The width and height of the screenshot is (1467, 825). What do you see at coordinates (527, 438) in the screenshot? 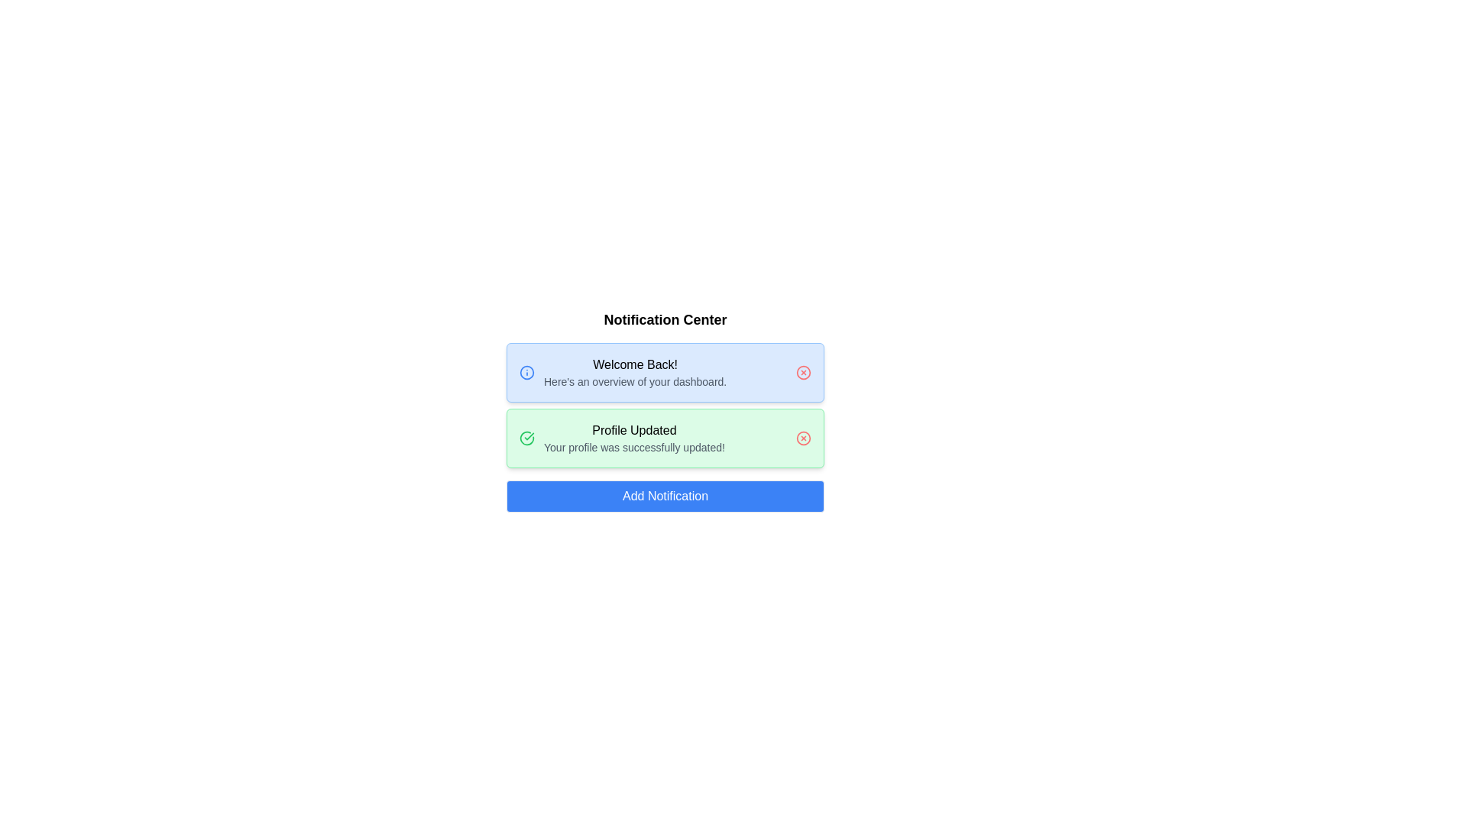
I see `the circular green Success indicator icon with a checkmark, located to the left of the 'Profile Updated' message in the green notification box` at bounding box center [527, 438].